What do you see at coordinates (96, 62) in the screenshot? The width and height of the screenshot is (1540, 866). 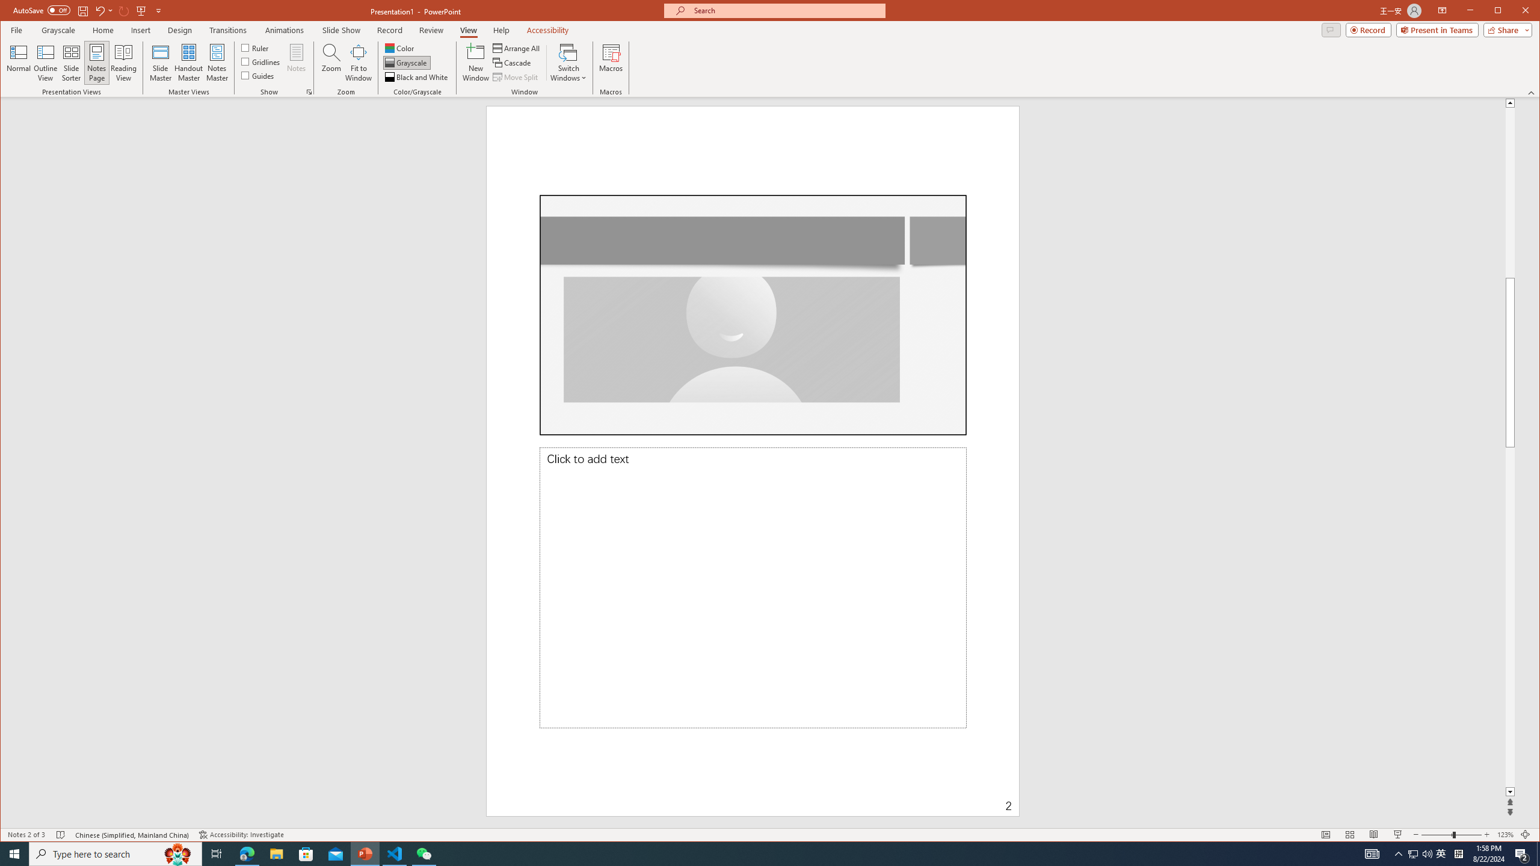 I see `'Notes Page'` at bounding box center [96, 62].